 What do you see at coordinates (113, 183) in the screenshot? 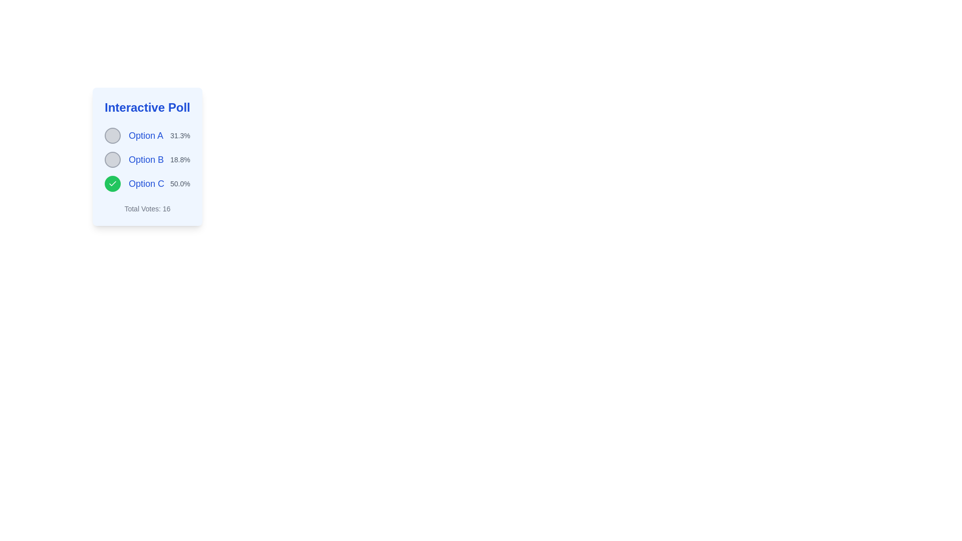
I see `the green checkmark icon next to 'Option C' in the 'Interactive Poll'` at bounding box center [113, 183].